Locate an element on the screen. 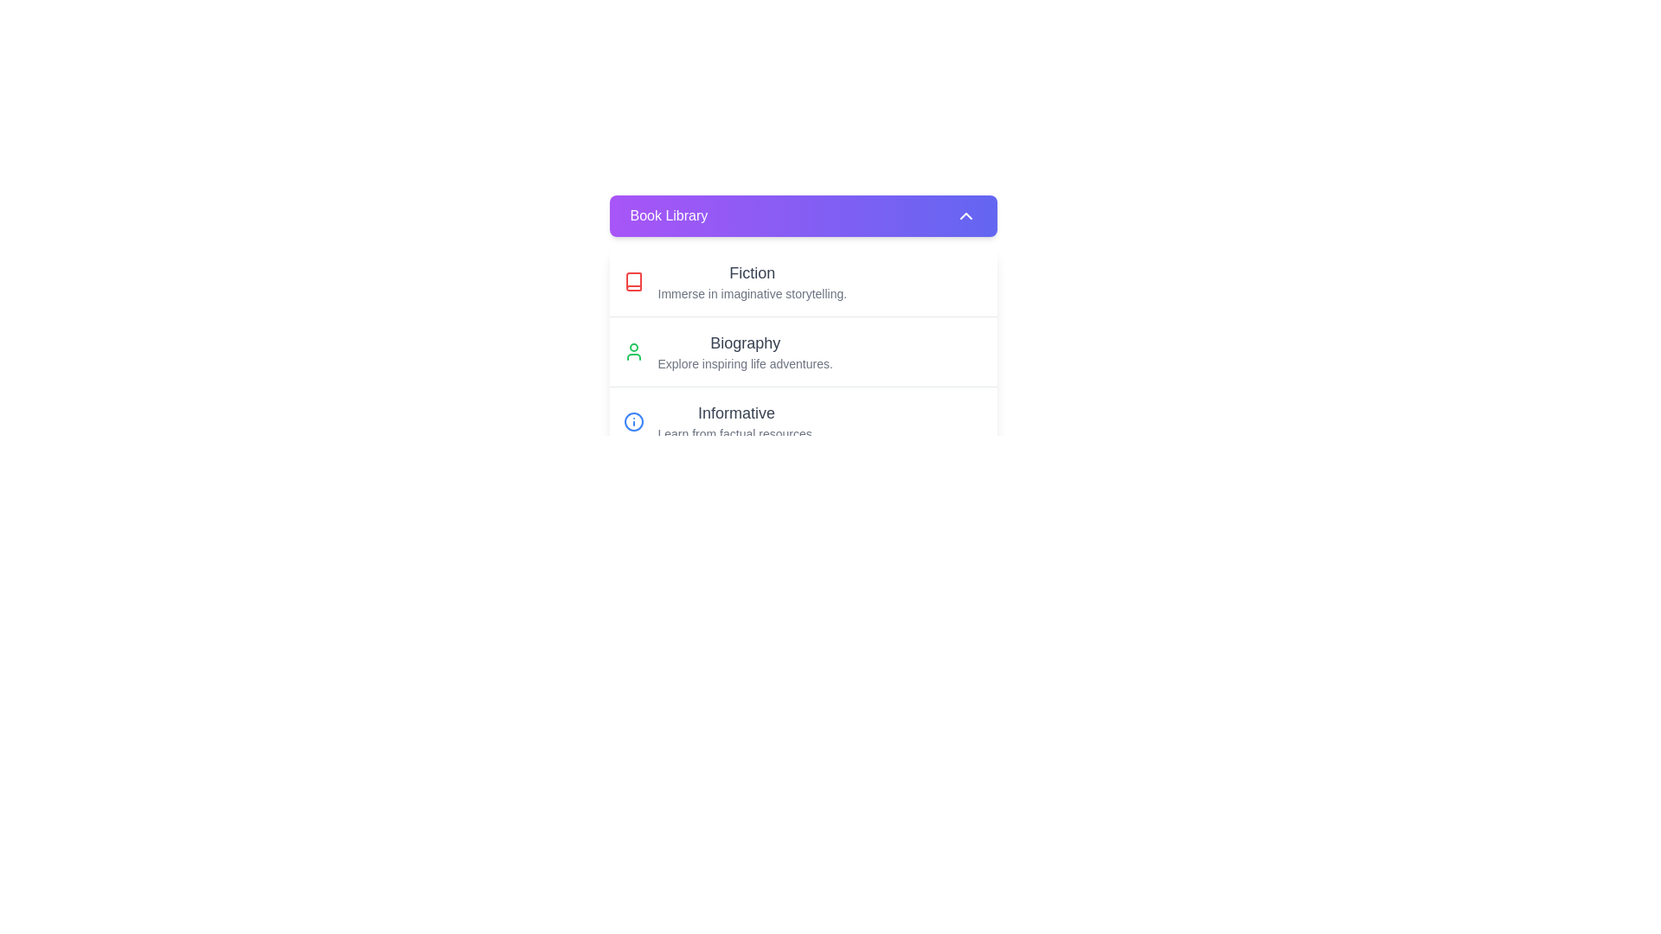 The height and width of the screenshot is (934, 1661). text label displaying 'Informative' in bold gray tones, located in the third row under 'Book Library' is located at coordinates (736, 413).